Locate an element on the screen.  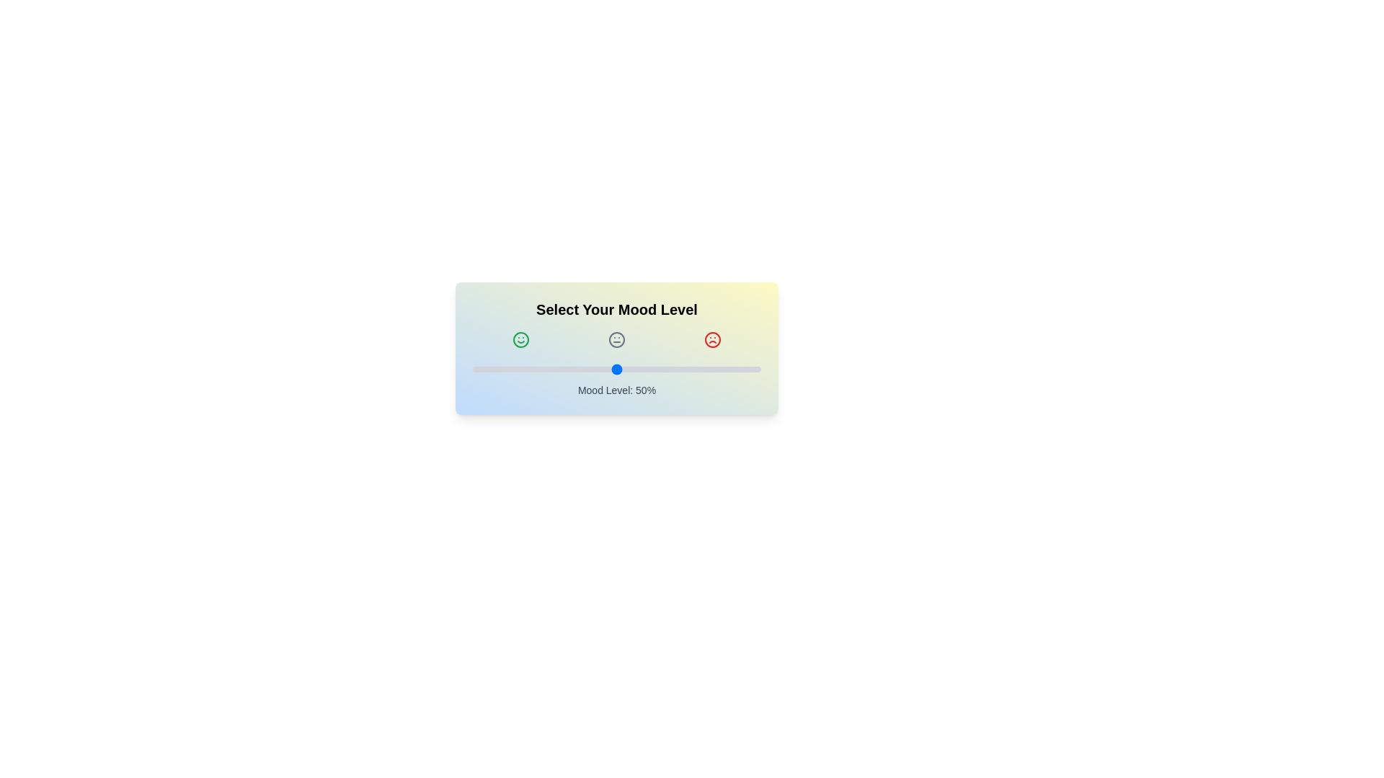
the mood level is located at coordinates (653, 369).